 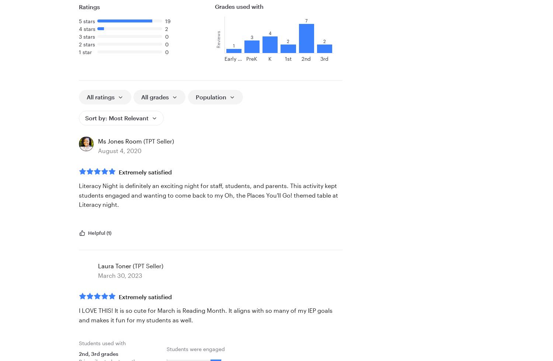 I want to click on 'Reviews', so click(x=218, y=39).